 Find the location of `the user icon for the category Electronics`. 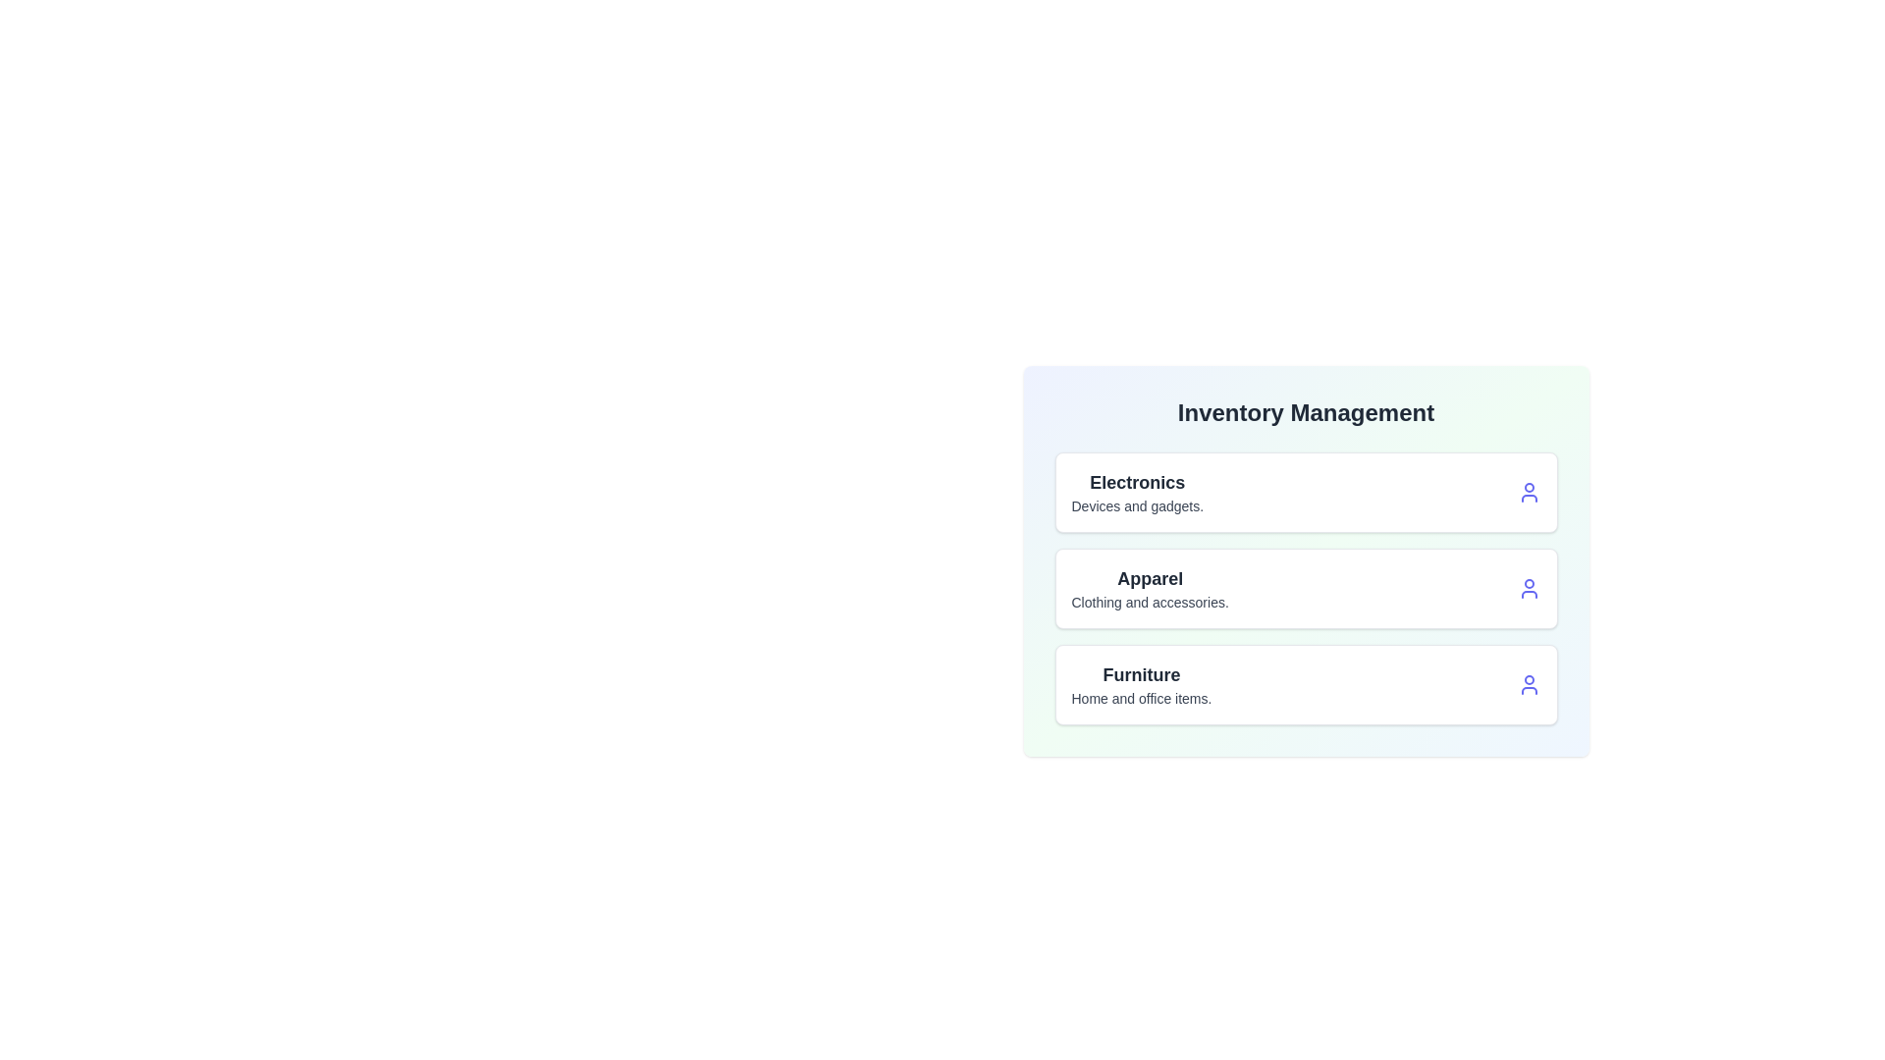

the user icon for the category Electronics is located at coordinates (1528, 491).